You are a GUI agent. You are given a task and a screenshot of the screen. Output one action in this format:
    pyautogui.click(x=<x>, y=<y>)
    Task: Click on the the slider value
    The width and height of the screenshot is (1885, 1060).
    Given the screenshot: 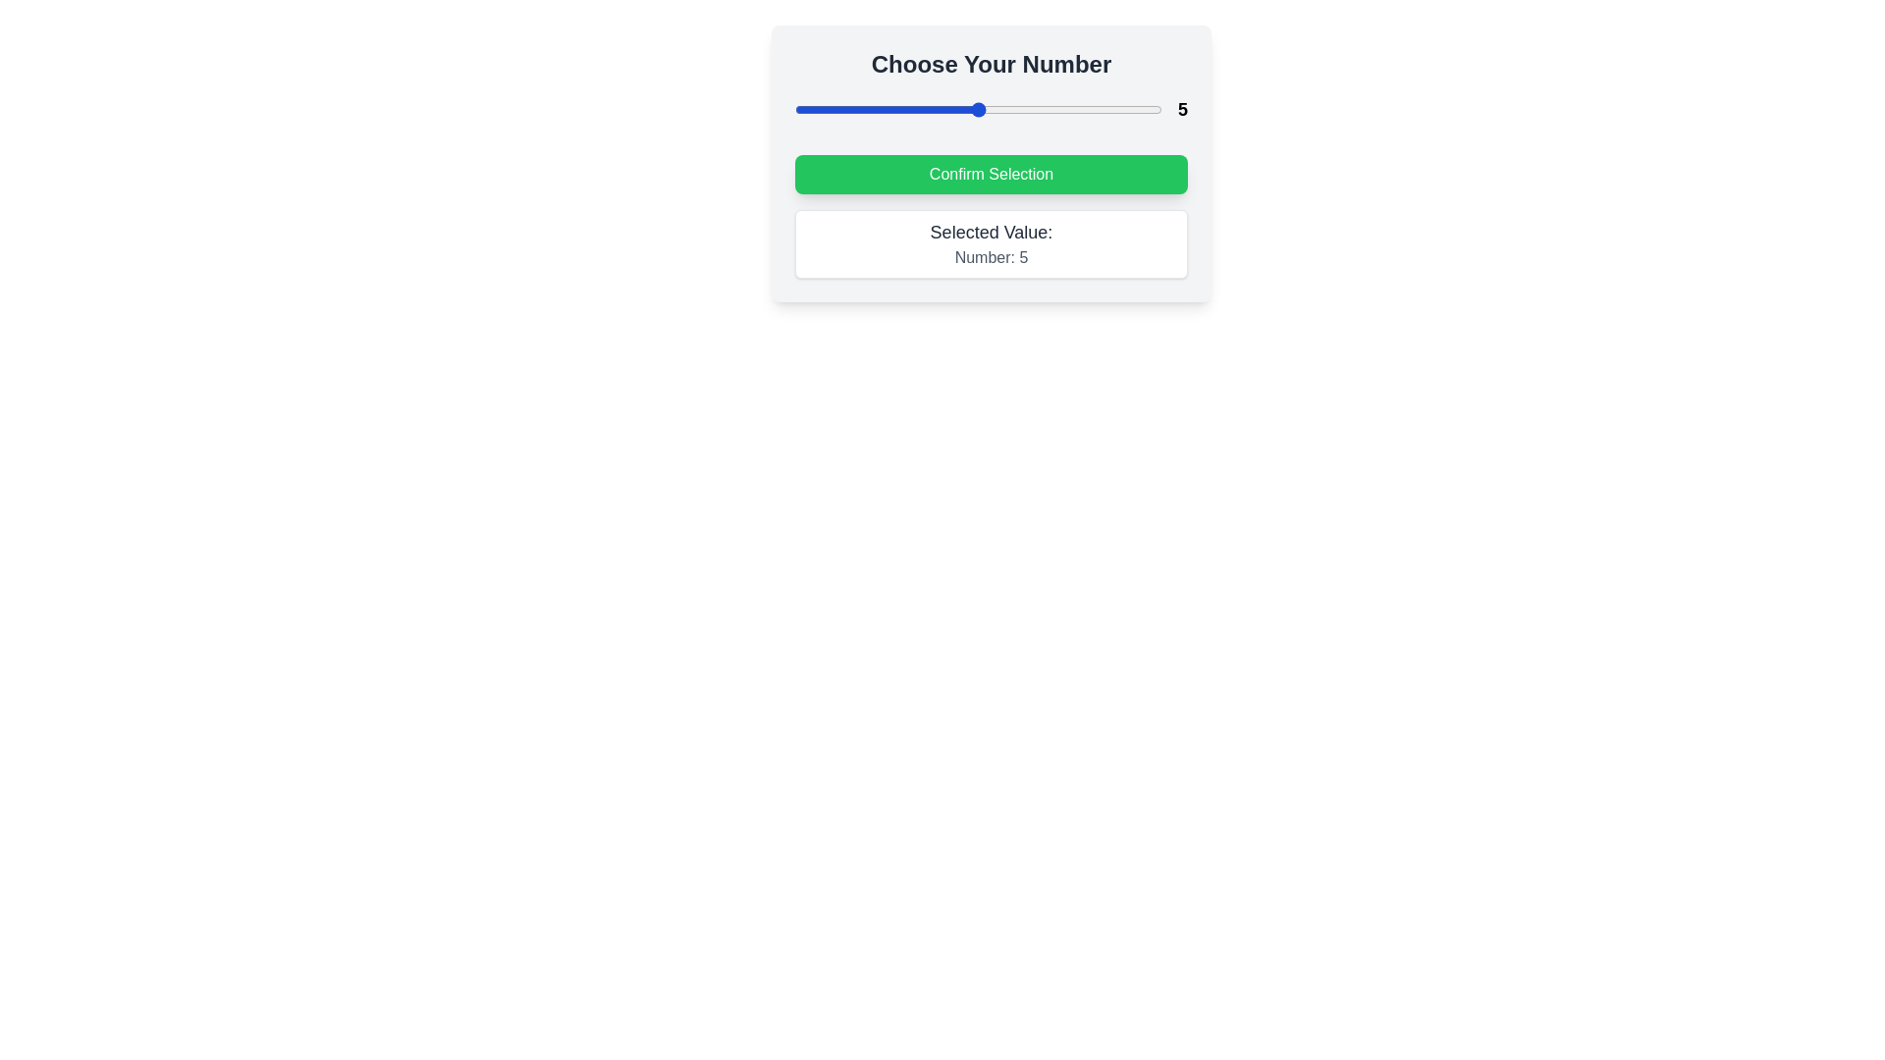 What is the action you would take?
    pyautogui.click(x=867, y=109)
    